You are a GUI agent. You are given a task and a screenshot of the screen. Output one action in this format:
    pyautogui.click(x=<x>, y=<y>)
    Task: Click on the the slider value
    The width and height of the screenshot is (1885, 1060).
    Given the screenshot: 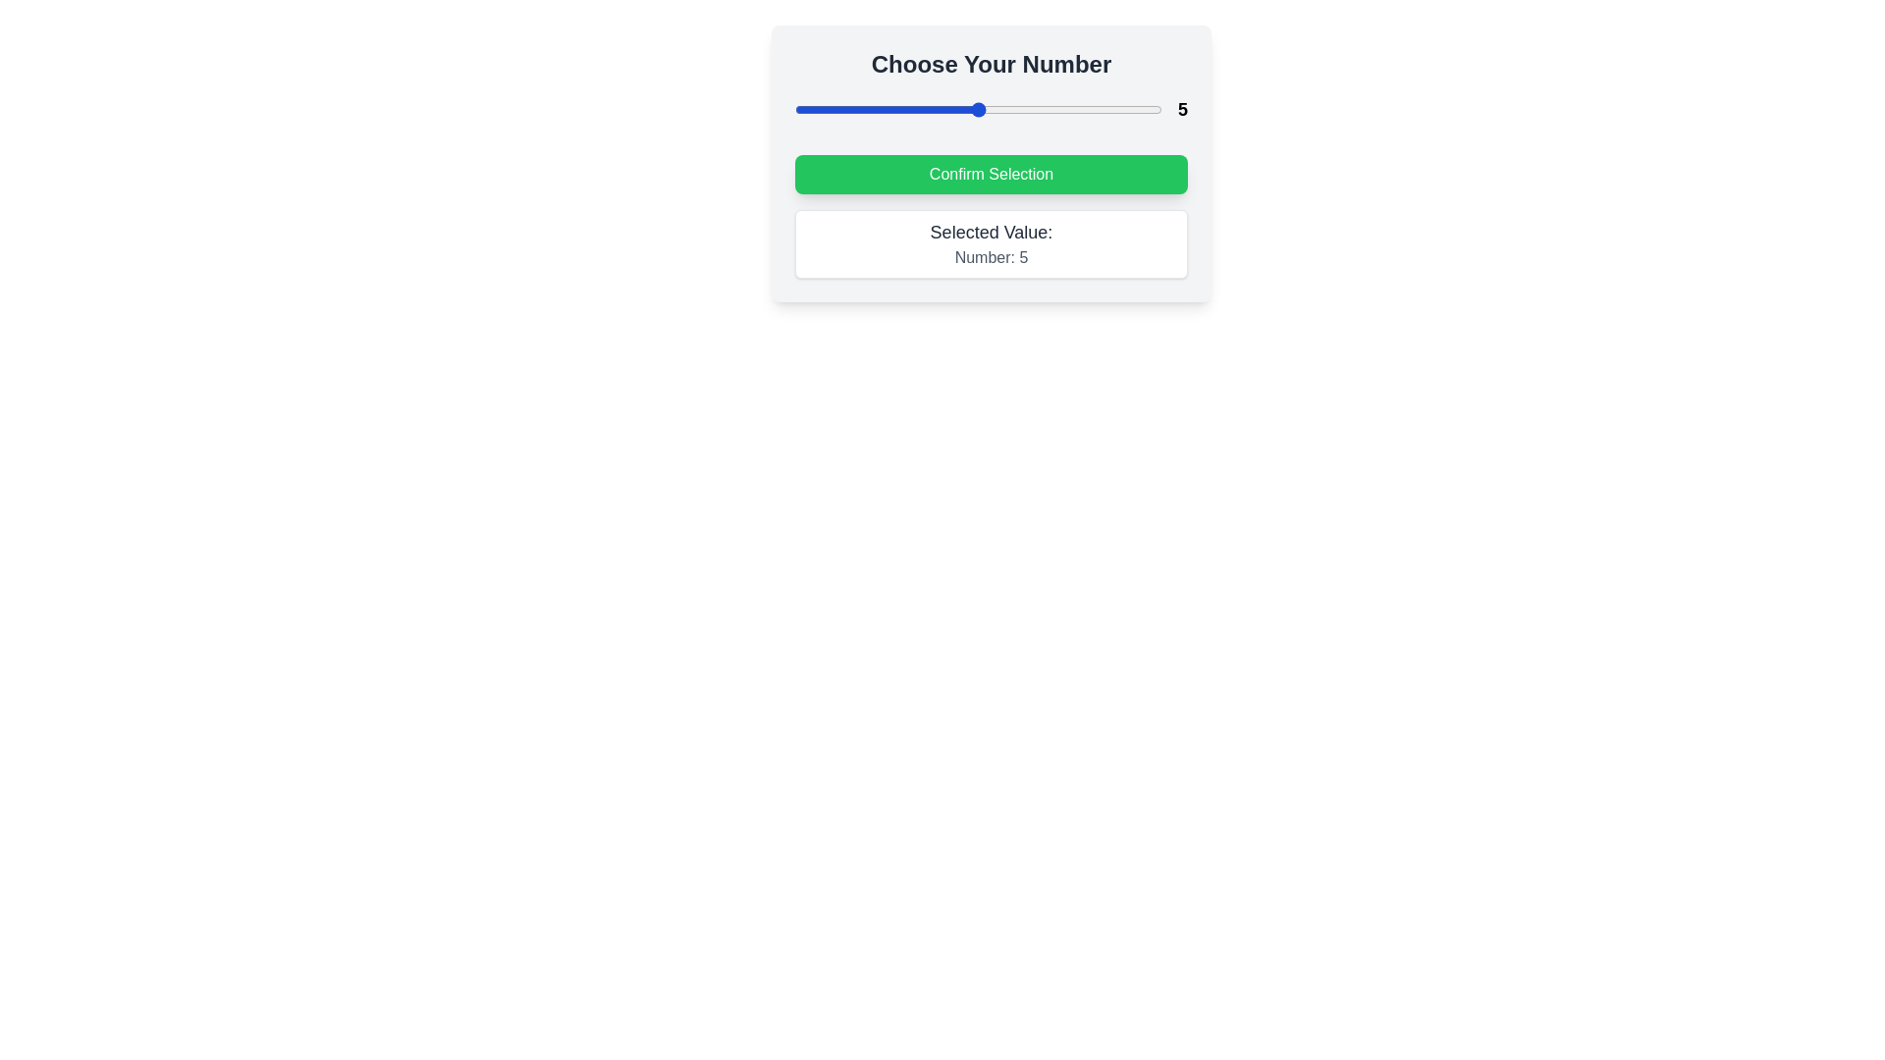 What is the action you would take?
    pyautogui.click(x=867, y=109)
    